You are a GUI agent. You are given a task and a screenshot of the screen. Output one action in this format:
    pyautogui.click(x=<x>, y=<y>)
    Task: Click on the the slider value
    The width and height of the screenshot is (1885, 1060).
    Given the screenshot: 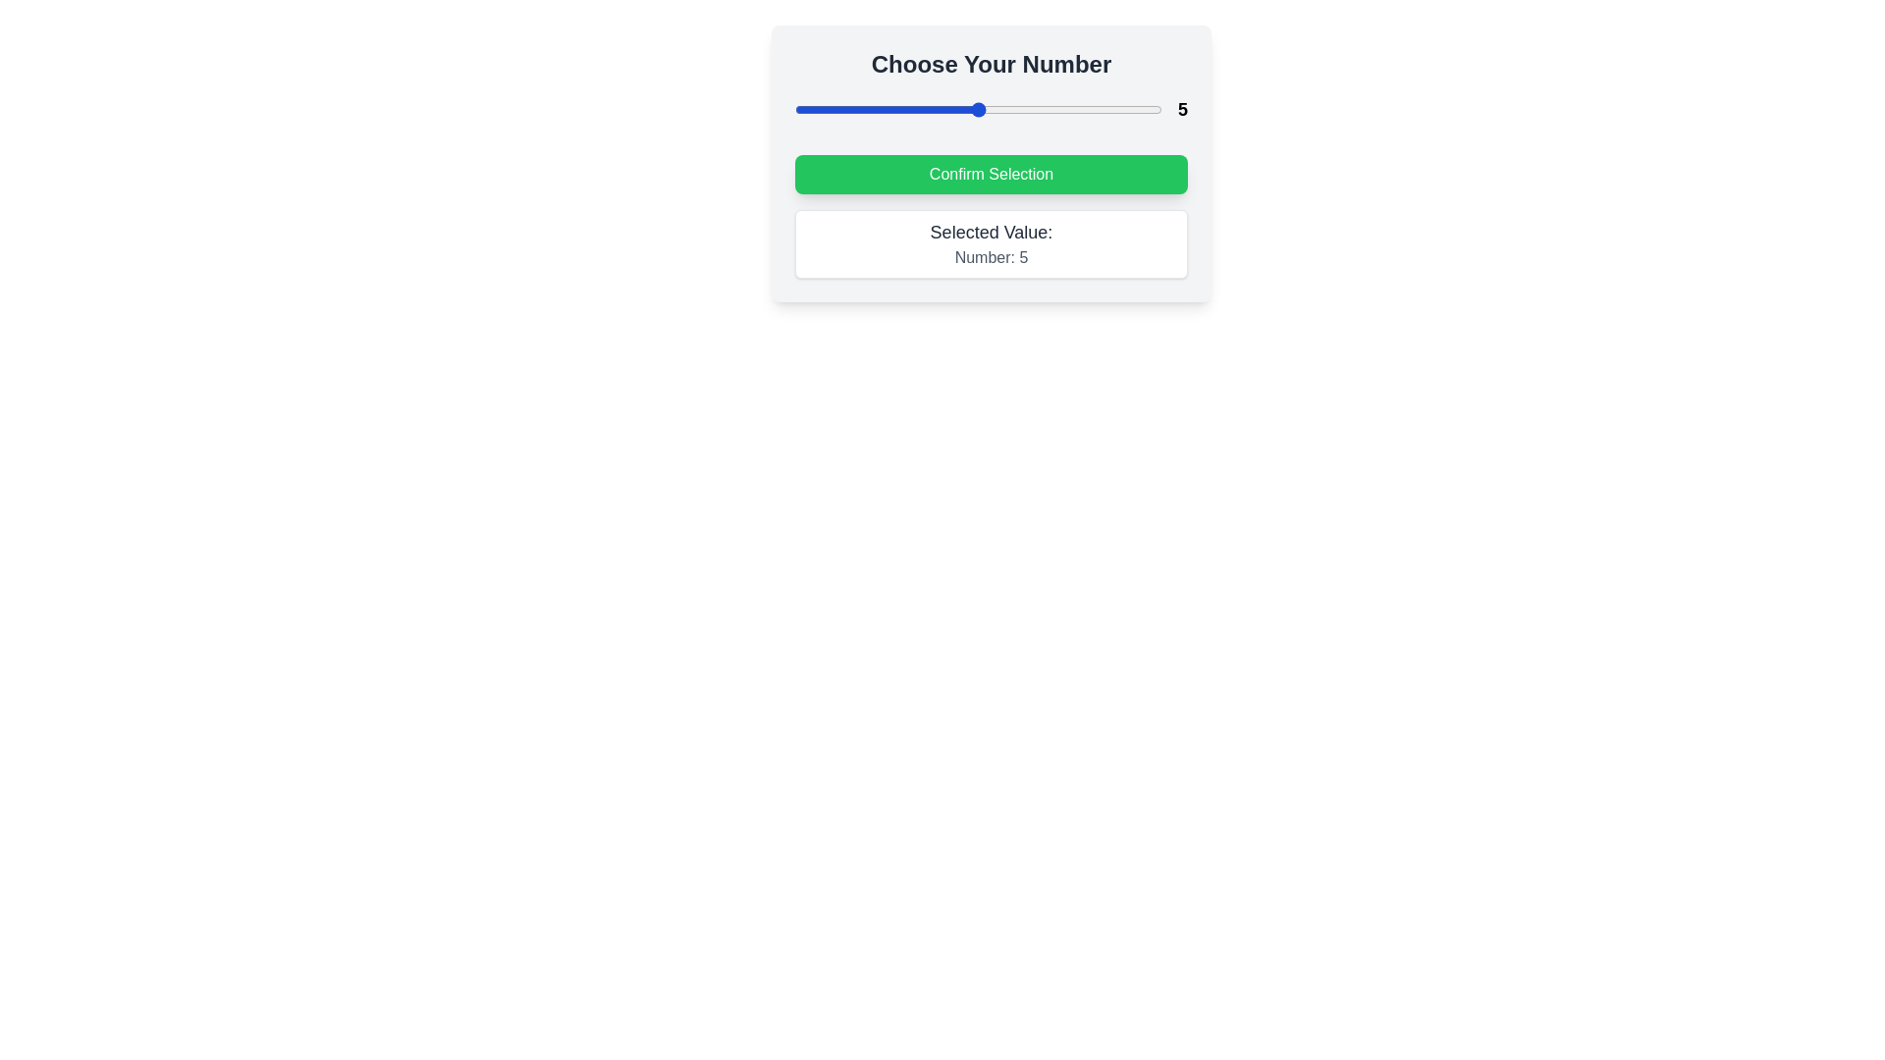 What is the action you would take?
    pyautogui.click(x=867, y=109)
    